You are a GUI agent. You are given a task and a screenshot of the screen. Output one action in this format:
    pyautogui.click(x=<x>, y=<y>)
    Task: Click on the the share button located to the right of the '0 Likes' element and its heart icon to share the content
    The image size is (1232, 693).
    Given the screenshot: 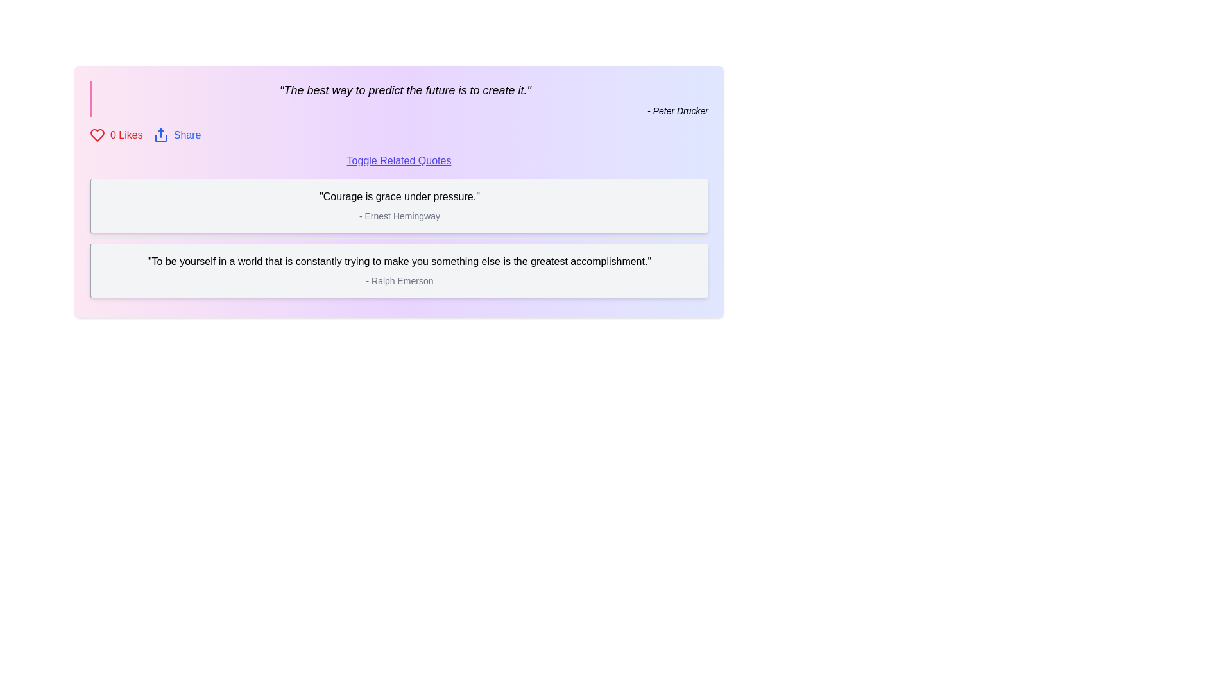 What is the action you would take?
    pyautogui.click(x=176, y=135)
    